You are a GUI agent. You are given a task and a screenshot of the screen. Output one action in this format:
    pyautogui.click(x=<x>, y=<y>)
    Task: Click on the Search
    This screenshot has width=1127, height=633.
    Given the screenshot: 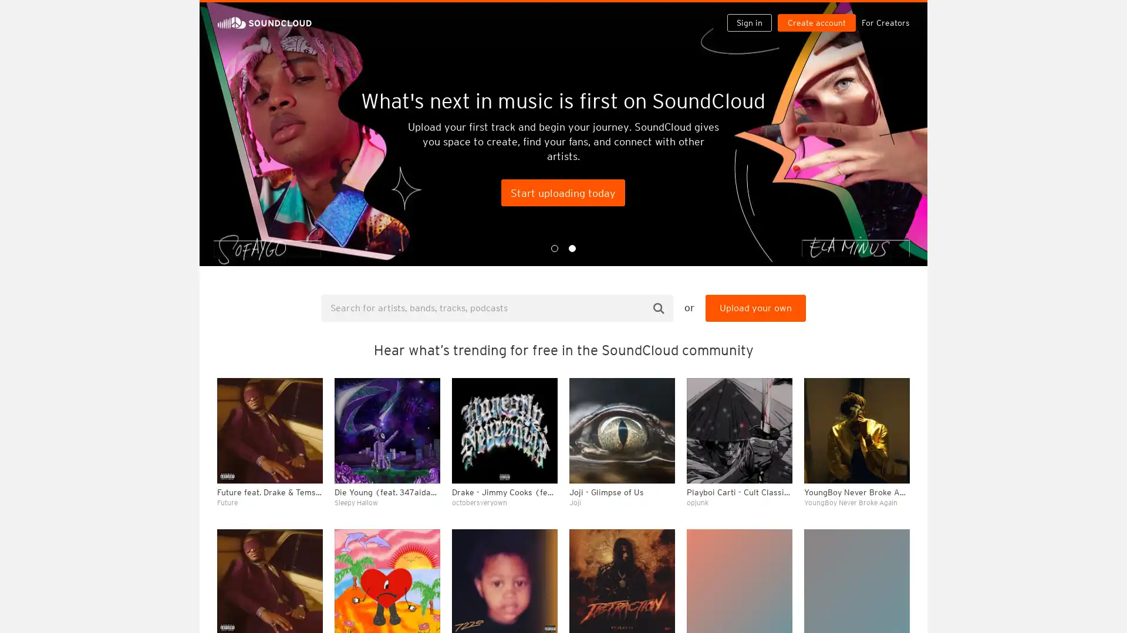 What is the action you would take?
    pyautogui.click(x=711, y=13)
    